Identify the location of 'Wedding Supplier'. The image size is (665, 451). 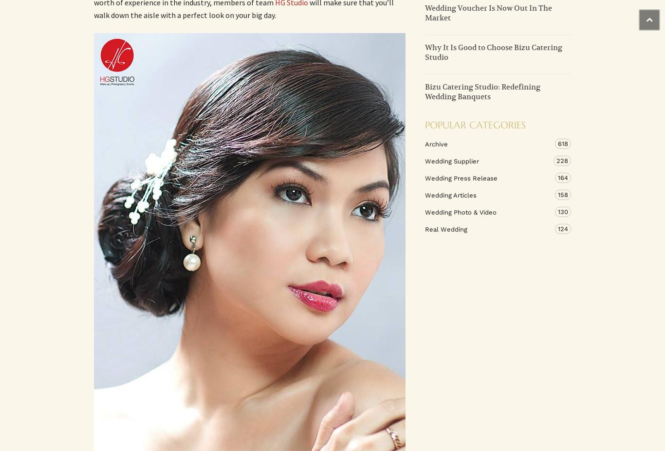
(425, 160).